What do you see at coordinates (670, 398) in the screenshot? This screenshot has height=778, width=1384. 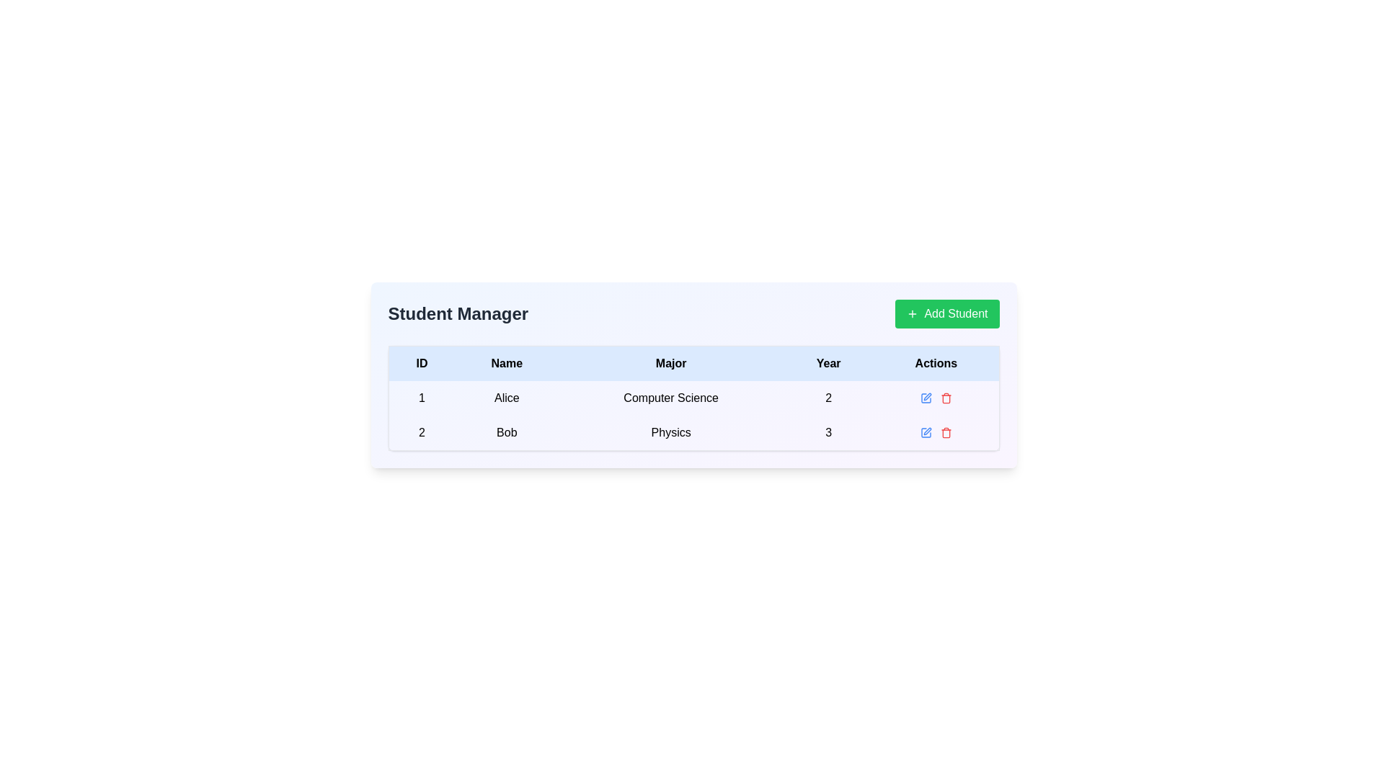 I see `the Text Label indicating 'Computer Science' located in the third column of the first row of a table-like structure` at bounding box center [670, 398].